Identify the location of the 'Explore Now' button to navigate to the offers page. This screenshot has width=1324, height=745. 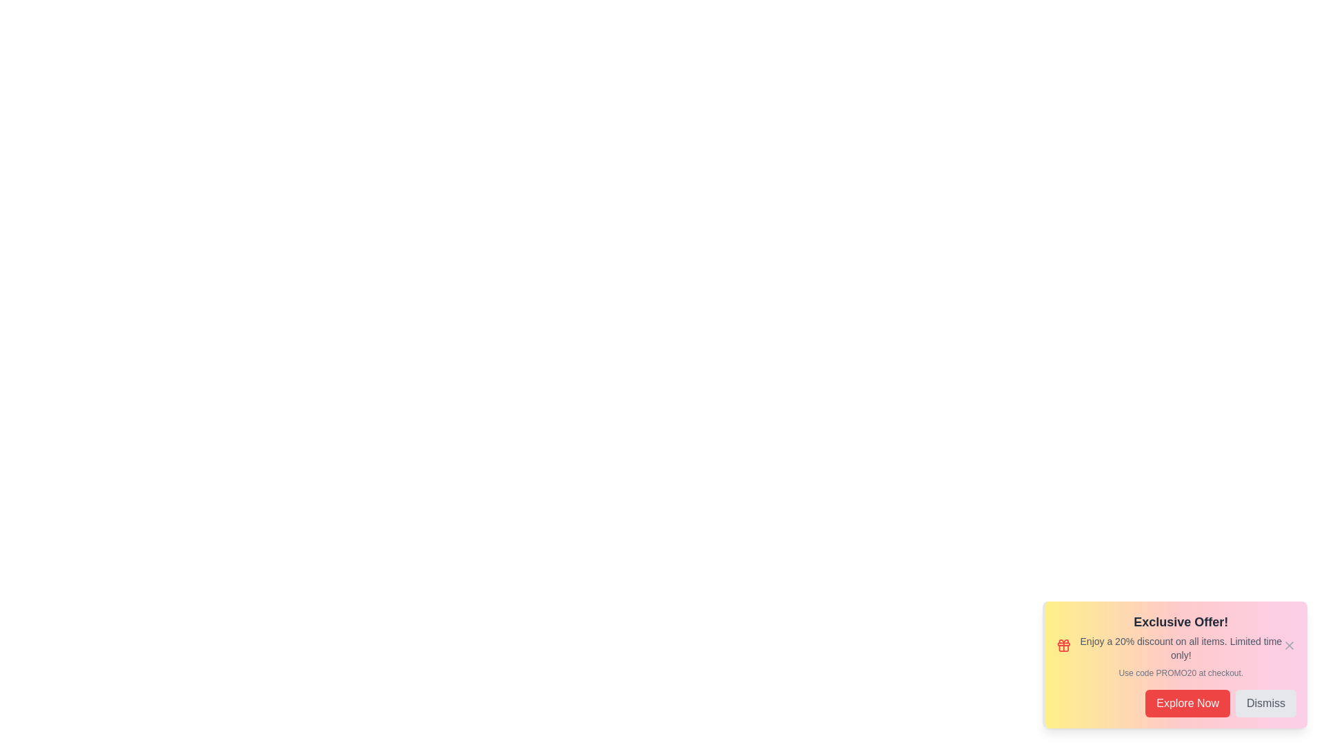
(1187, 703).